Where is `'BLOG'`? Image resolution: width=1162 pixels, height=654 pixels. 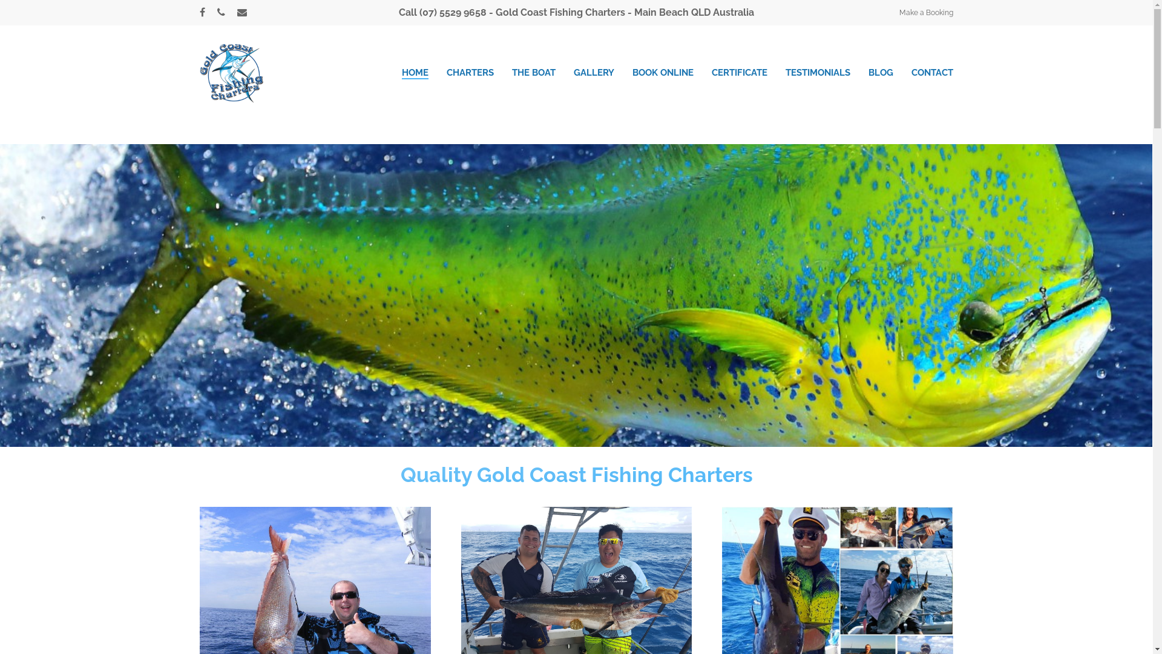
'BLOG' is located at coordinates (881, 72).